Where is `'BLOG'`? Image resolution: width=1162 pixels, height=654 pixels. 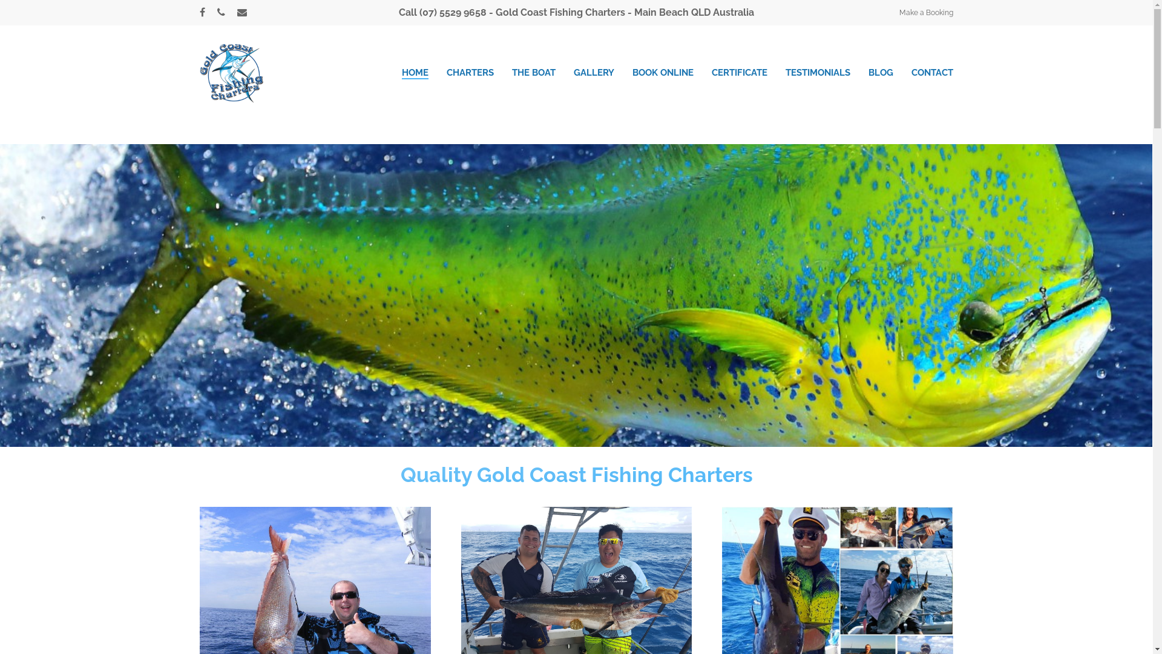
'BLOG' is located at coordinates (881, 72).